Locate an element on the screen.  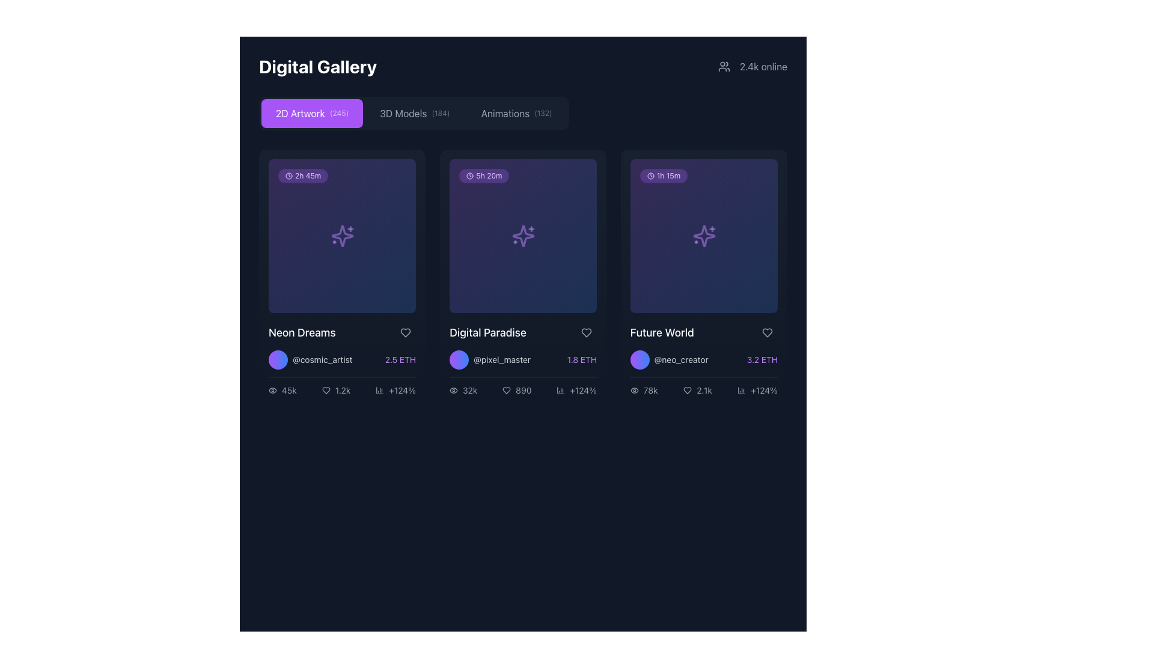
the navigation button that displays a list of animations, positioned as the third tab option in a row of three tabs is located at coordinates (516, 114).